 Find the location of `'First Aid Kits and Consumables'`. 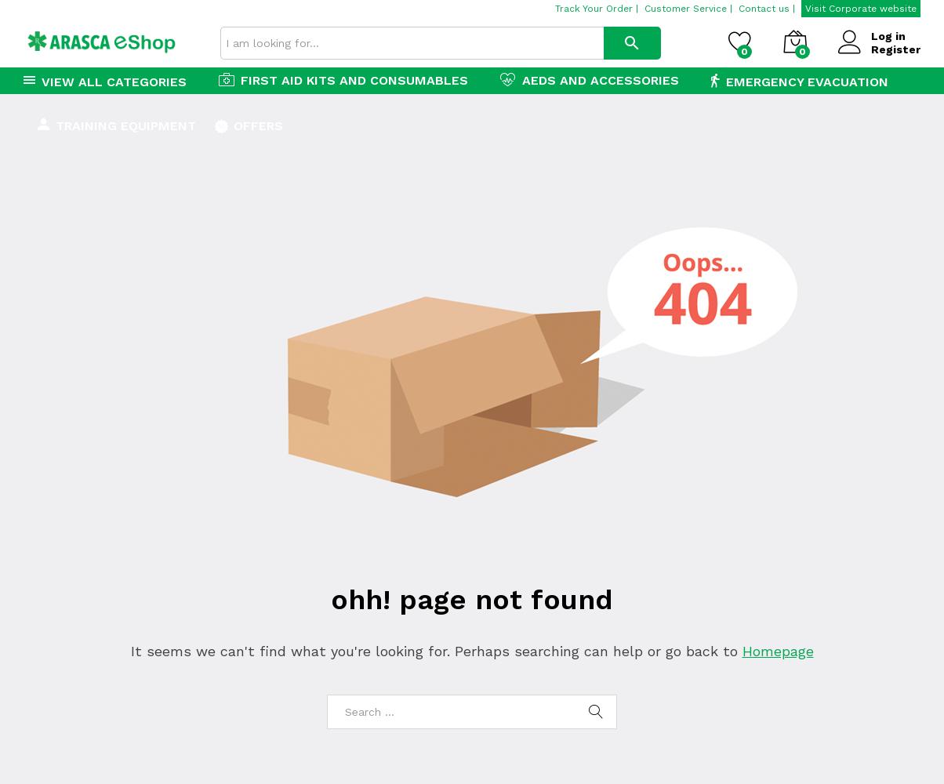

'First Aid Kits and Consumables' is located at coordinates (241, 79).